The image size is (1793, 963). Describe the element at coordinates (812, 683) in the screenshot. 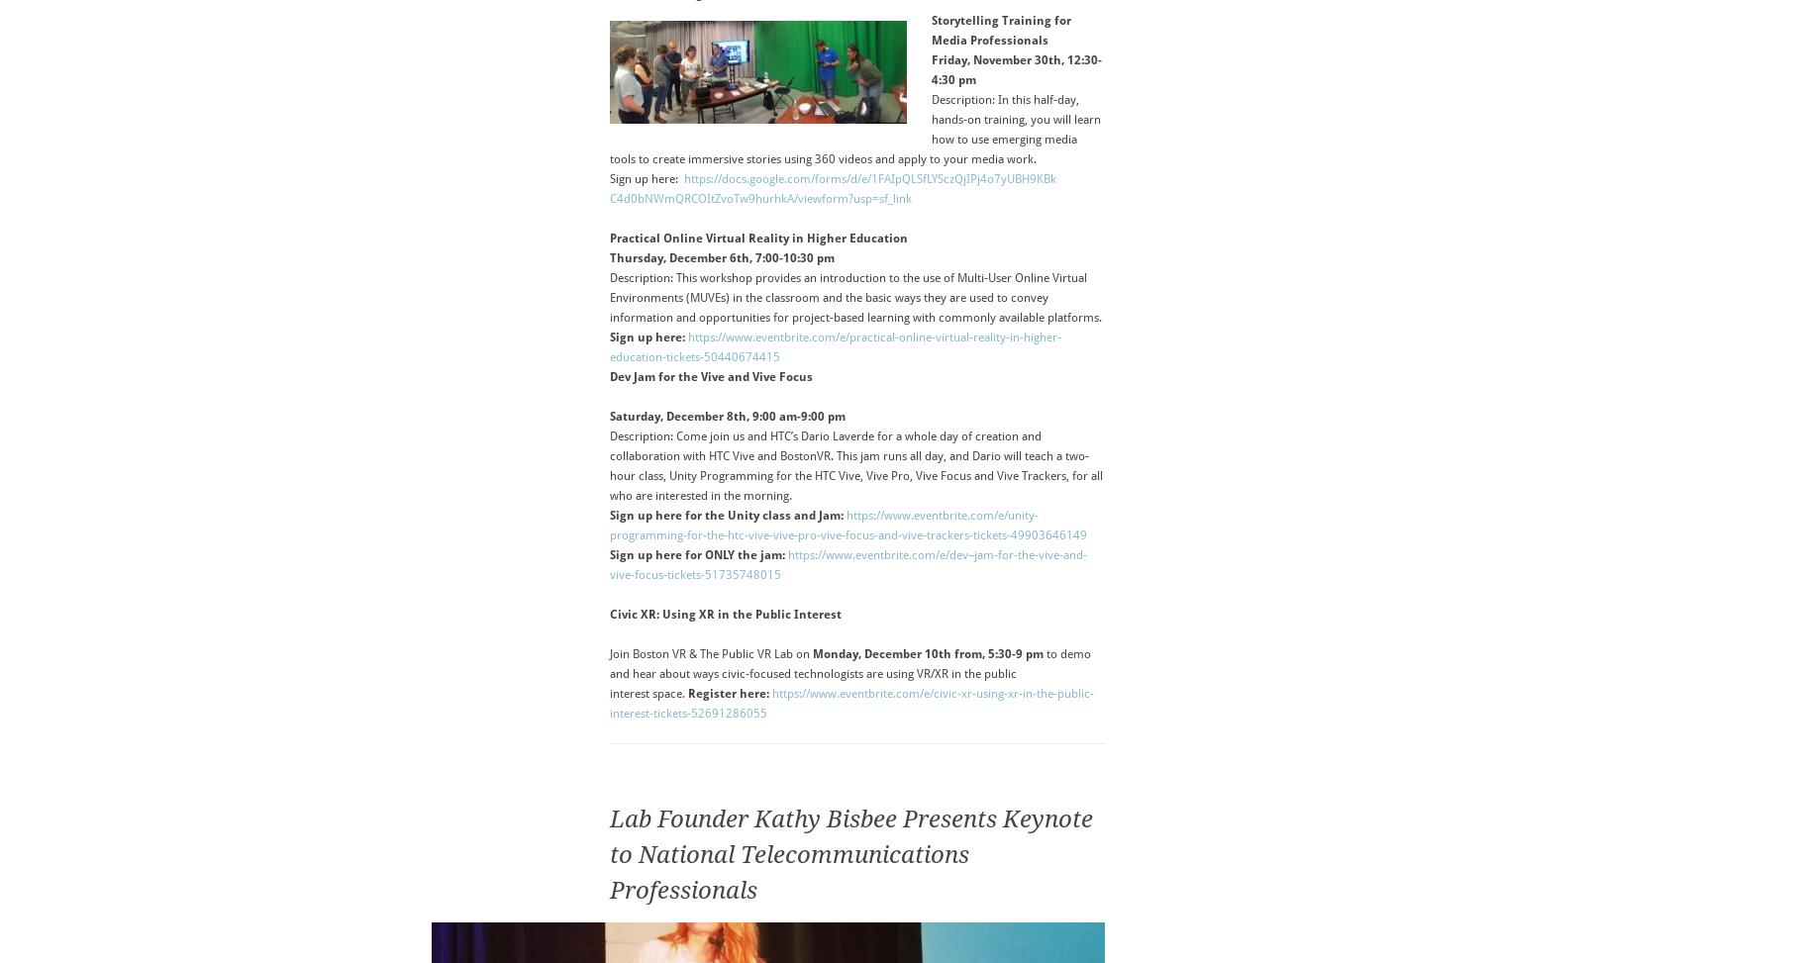

I see `'in the public interest space.'` at that location.